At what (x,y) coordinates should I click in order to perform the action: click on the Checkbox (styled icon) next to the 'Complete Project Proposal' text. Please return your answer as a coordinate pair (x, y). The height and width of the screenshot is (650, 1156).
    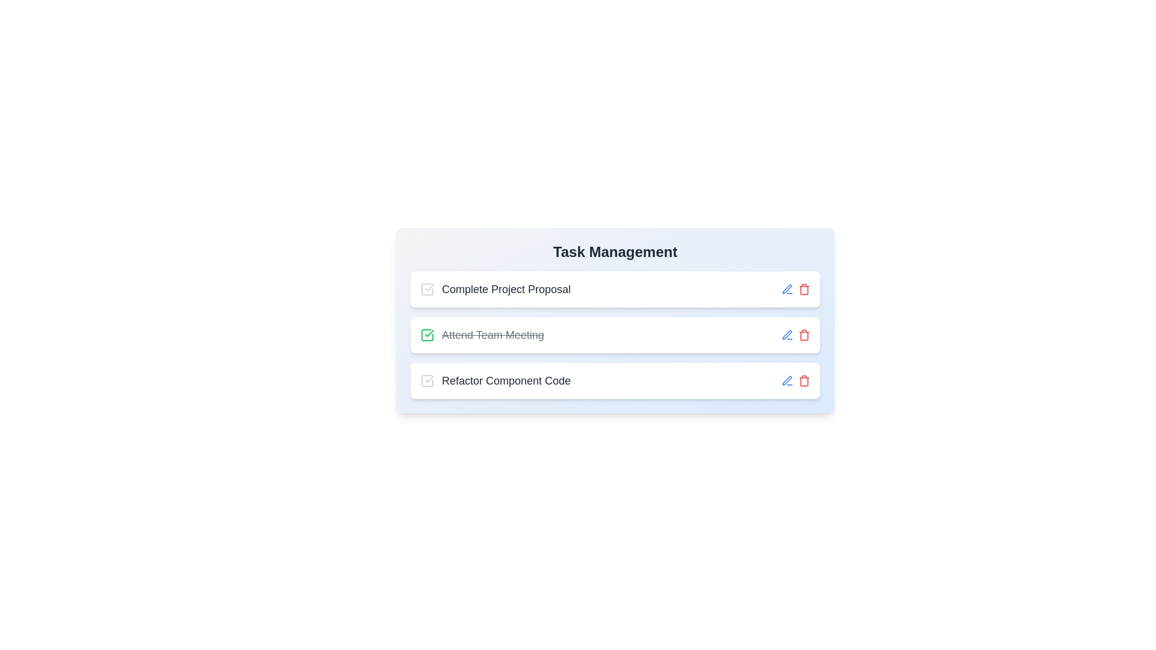
    Looking at the image, I should click on (427, 289).